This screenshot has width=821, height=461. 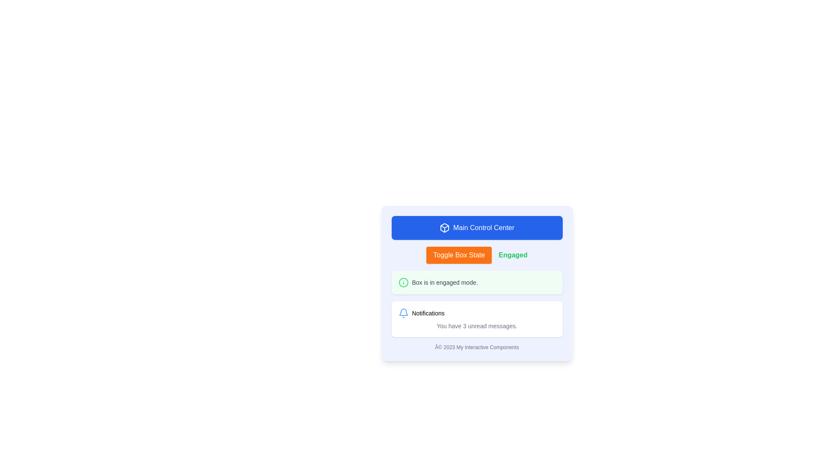 I want to click on the 'Toggle Box State' button in the composite UI component, so click(x=476, y=254).